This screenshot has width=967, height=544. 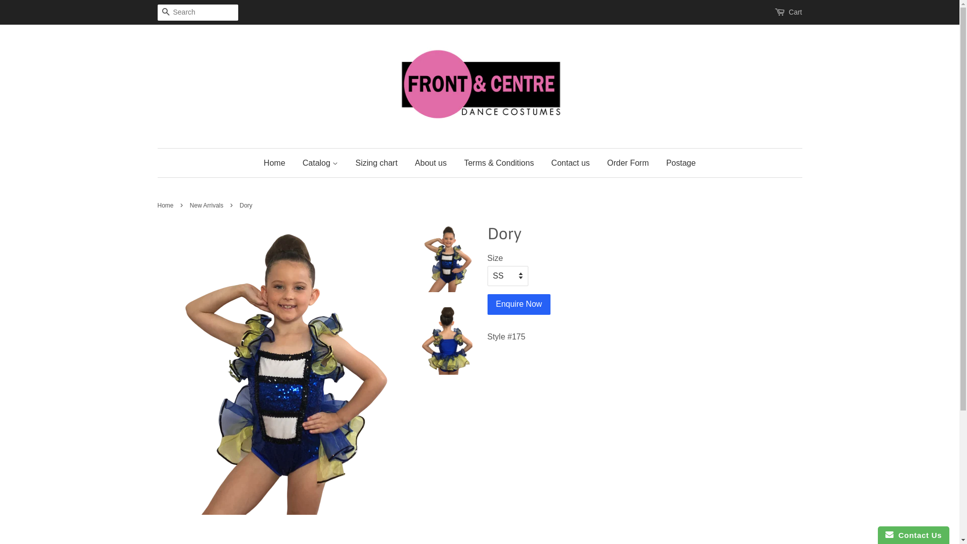 I want to click on 'Home', so click(x=278, y=162).